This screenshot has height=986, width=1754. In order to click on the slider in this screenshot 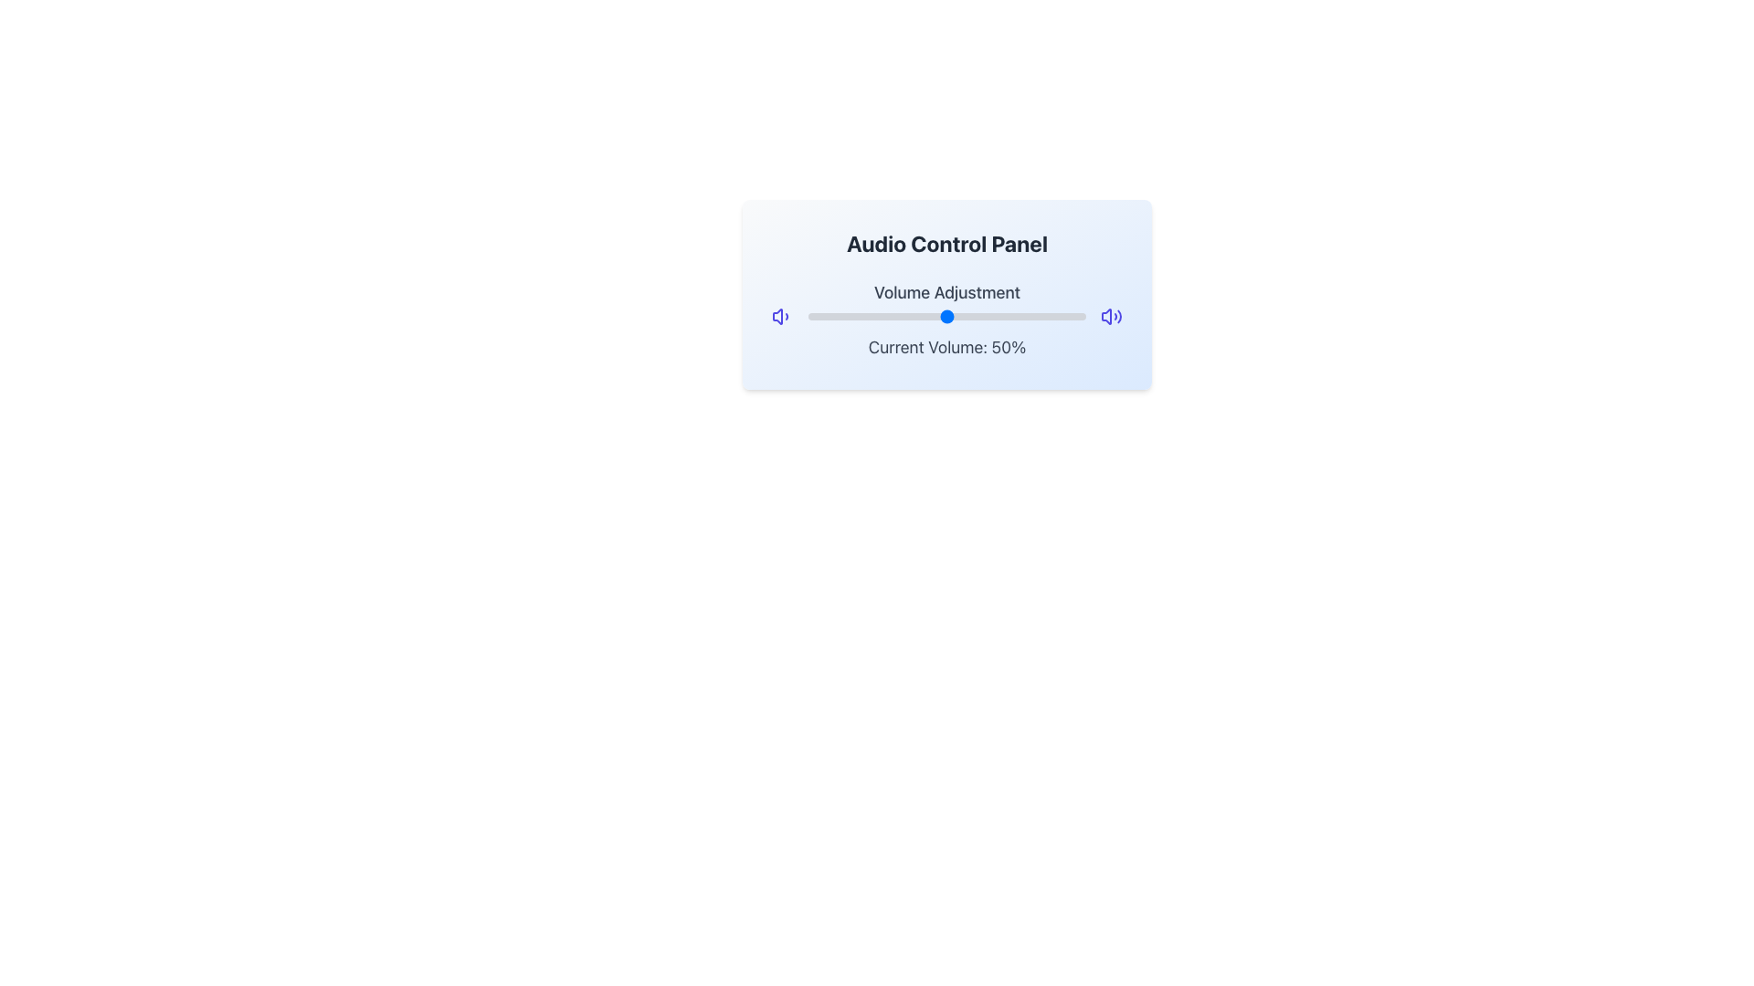, I will do `click(1028, 316)`.